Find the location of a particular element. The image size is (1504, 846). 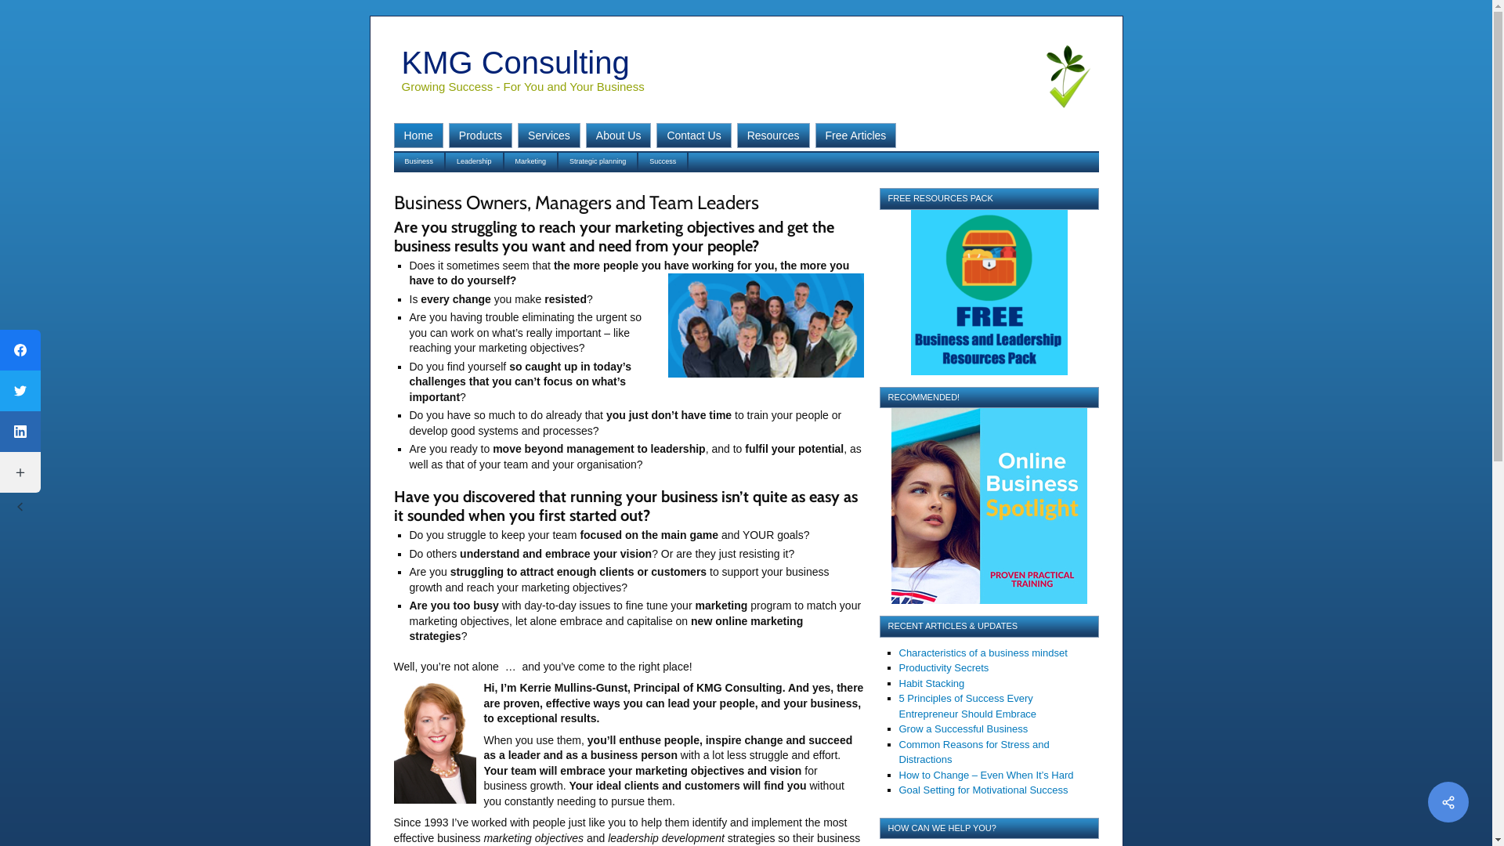

'Resources' is located at coordinates (773, 135).